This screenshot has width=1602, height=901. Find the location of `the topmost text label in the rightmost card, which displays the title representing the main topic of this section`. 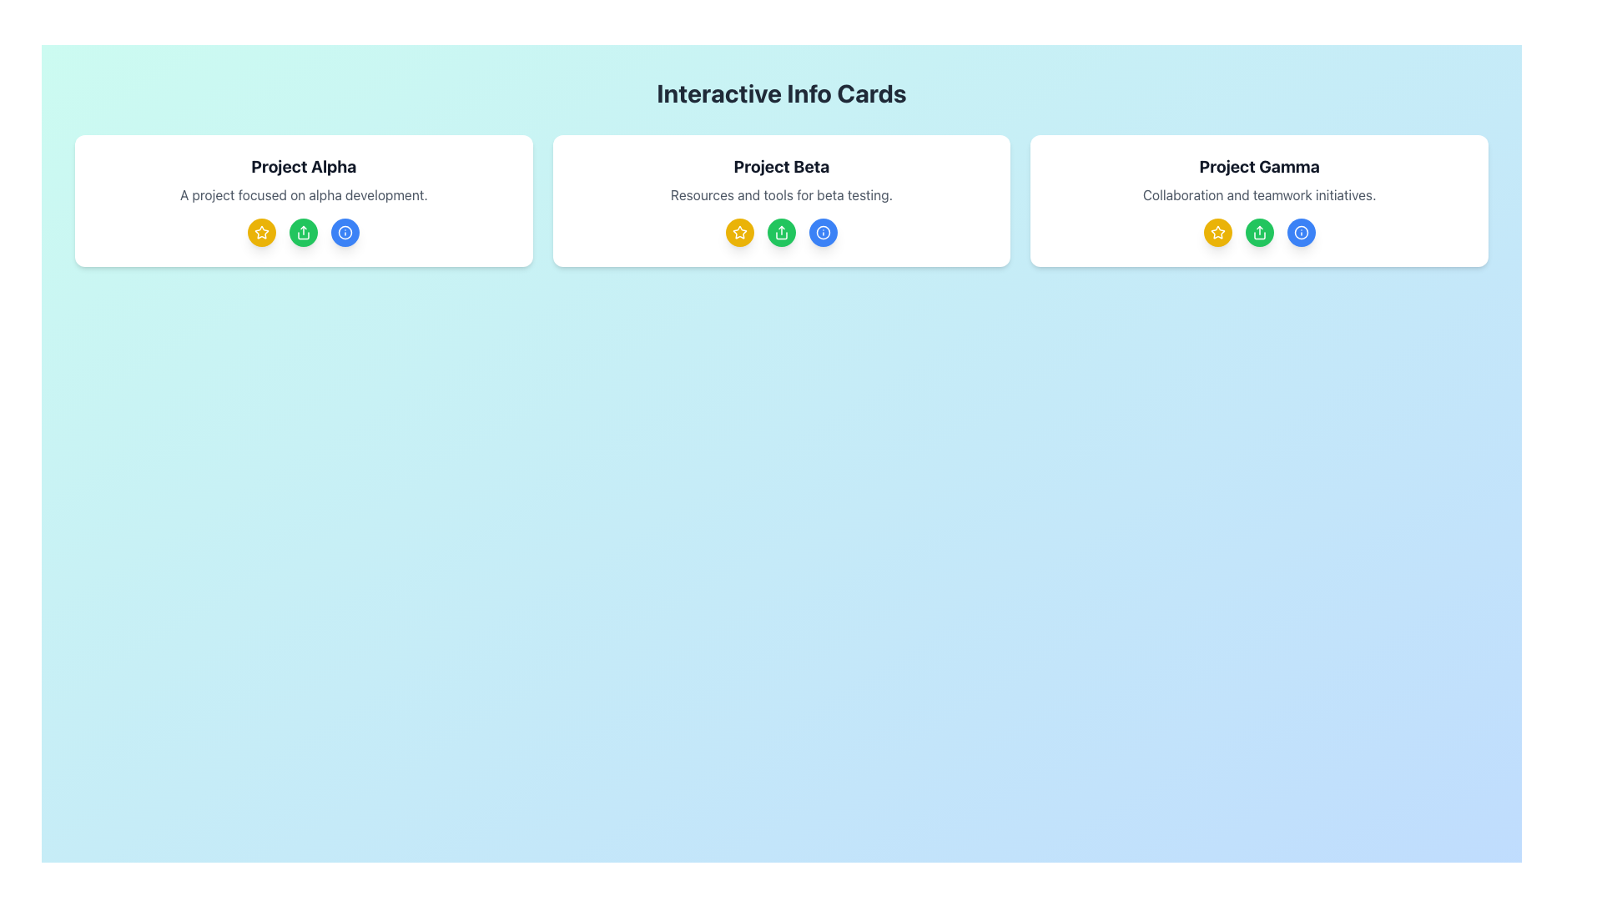

the topmost text label in the rightmost card, which displays the title representing the main topic of this section is located at coordinates (1259, 167).